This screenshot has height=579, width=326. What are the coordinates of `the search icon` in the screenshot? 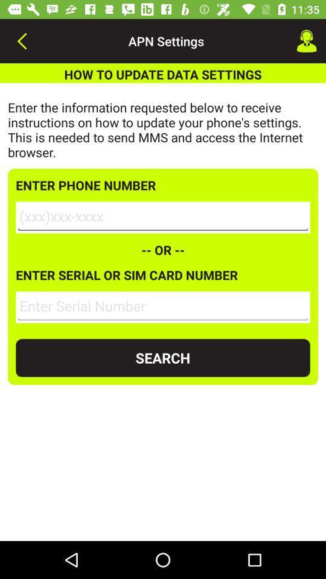 It's located at (163, 358).